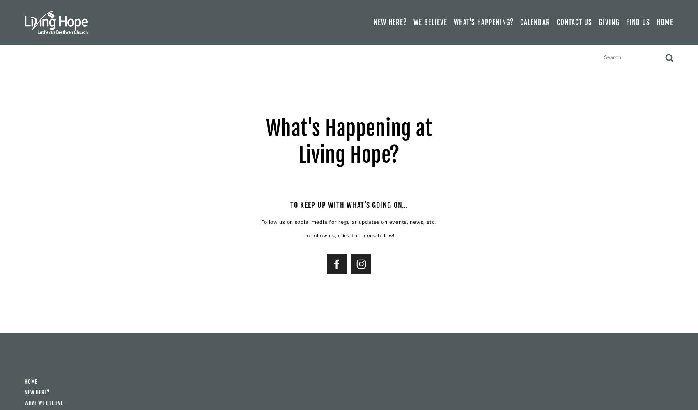  What do you see at coordinates (44, 402) in the screenshot?
I see `'What We Believe'` at bounding box center [44, 402].